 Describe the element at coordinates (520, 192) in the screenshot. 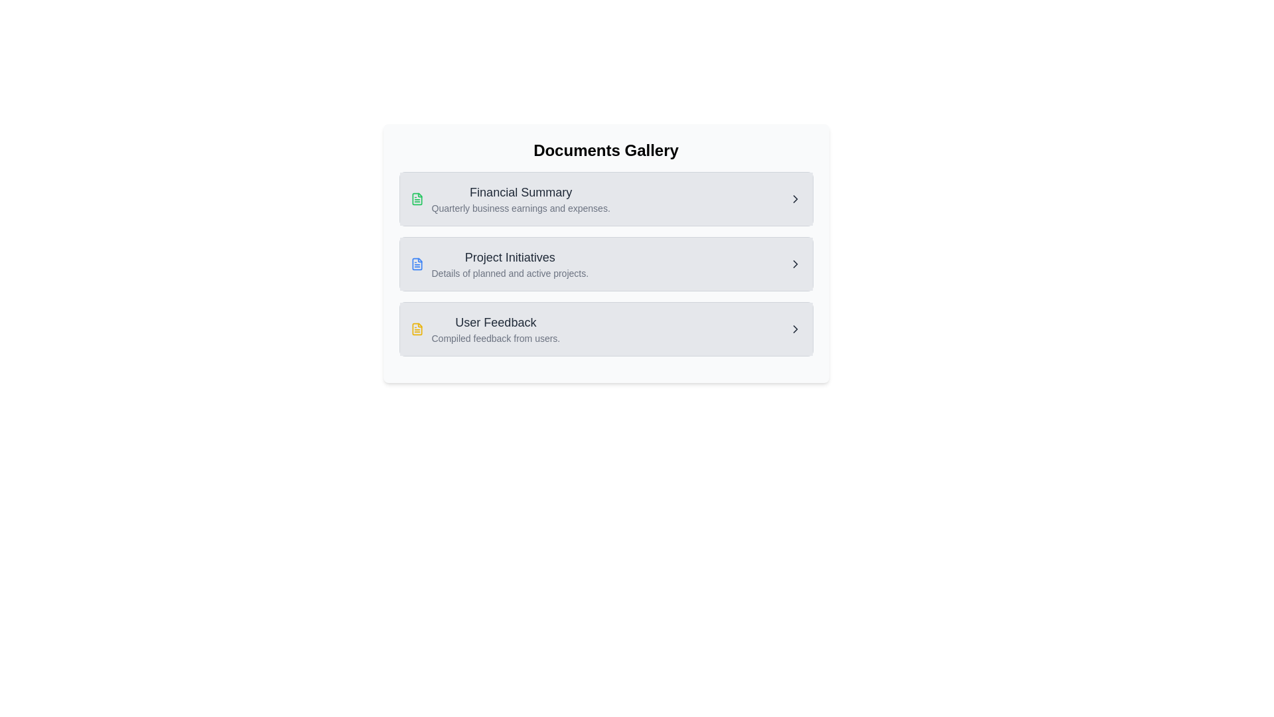

I see `the 'Financial Summary' heading text, which is displayed in bold, medium-sized dark gray font within a light gray background, located at the top of the financial summary panel` at that location.